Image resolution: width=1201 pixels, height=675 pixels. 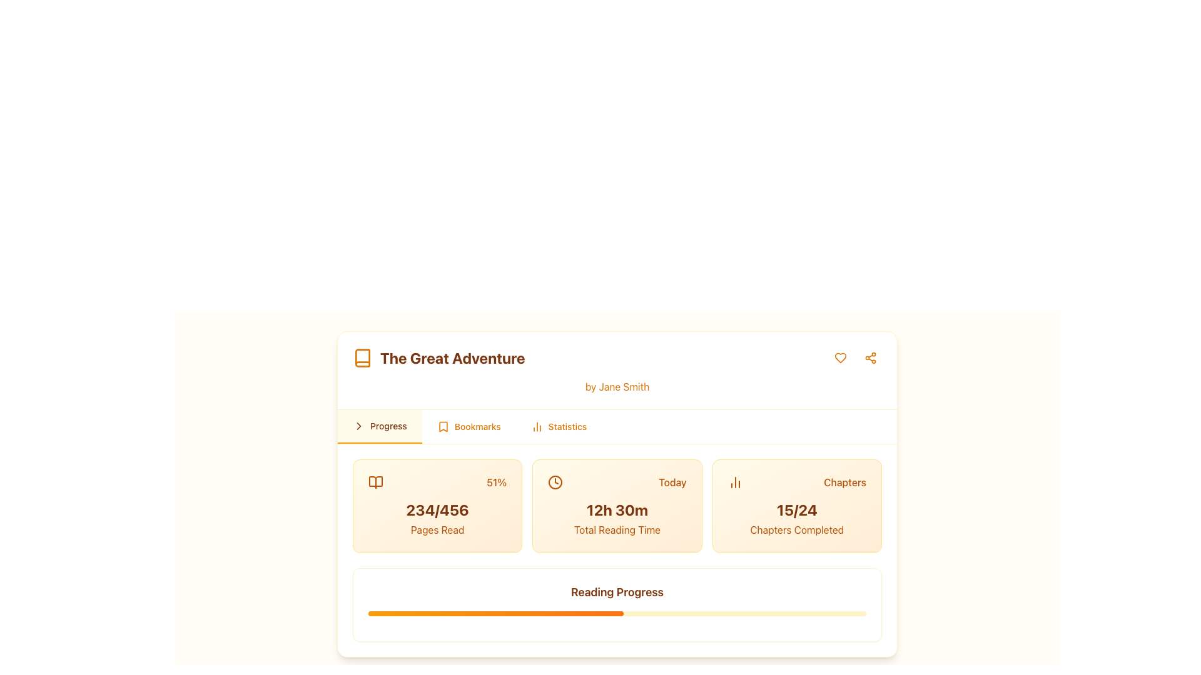 I want to click on the share button located in the top-right corner of the visible card interface, positioned next to the heart-shaped icon, so click(x=870, y=358).